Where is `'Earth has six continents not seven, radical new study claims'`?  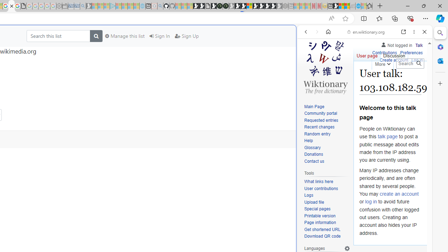 'Earth has six continents not seven, radical new study claims' is located at coordinates (347, 6).